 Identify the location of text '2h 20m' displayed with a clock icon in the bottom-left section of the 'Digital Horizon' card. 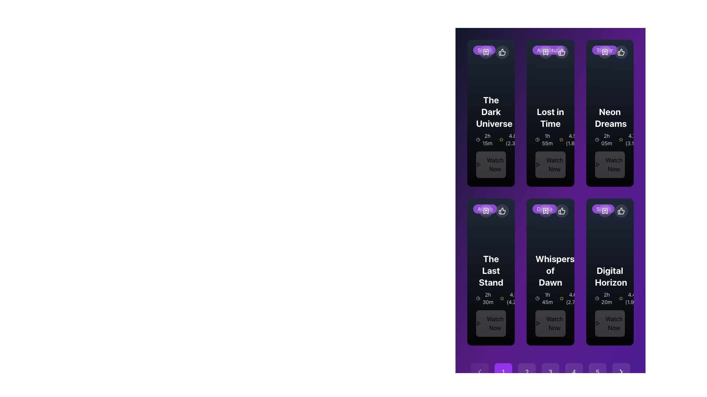
(604, 298).